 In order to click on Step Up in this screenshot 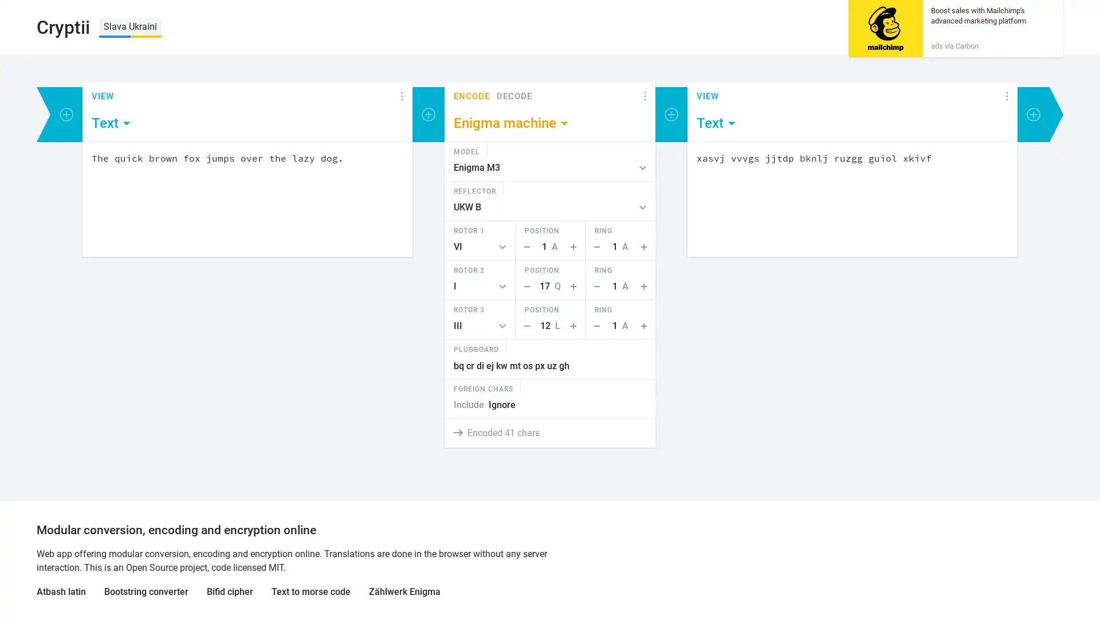, I will do `click(575, 286)`.